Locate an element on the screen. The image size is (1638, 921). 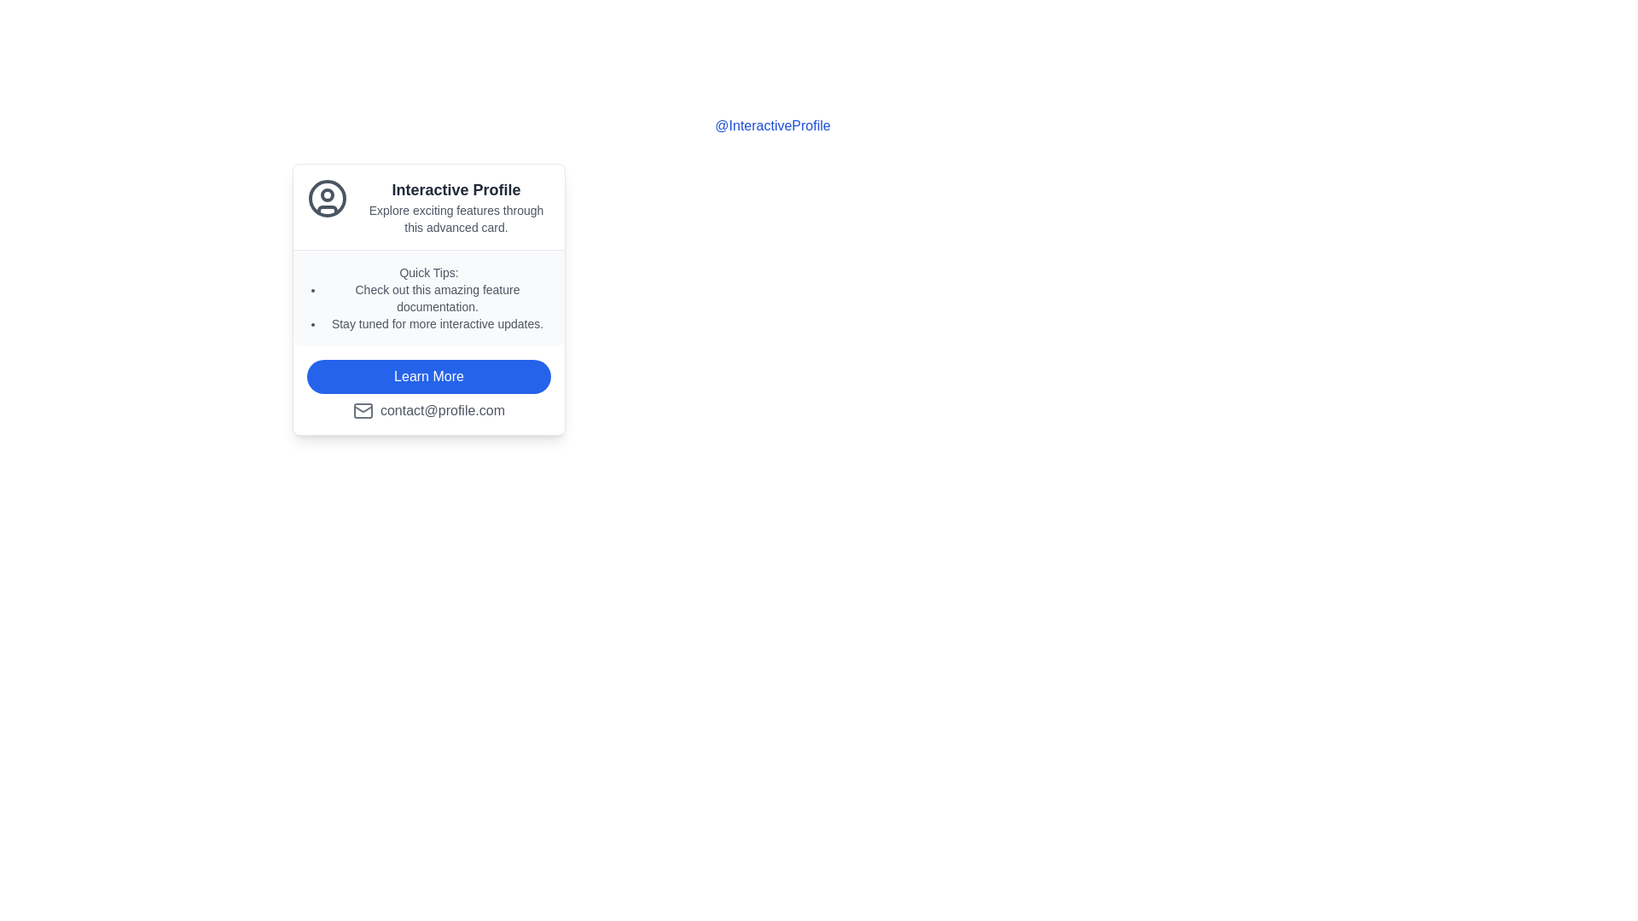
text content displayed in the email address section, which is located in the center-right section of the profile card, adjacent to the mail icon is located at coordinates (442, 411).